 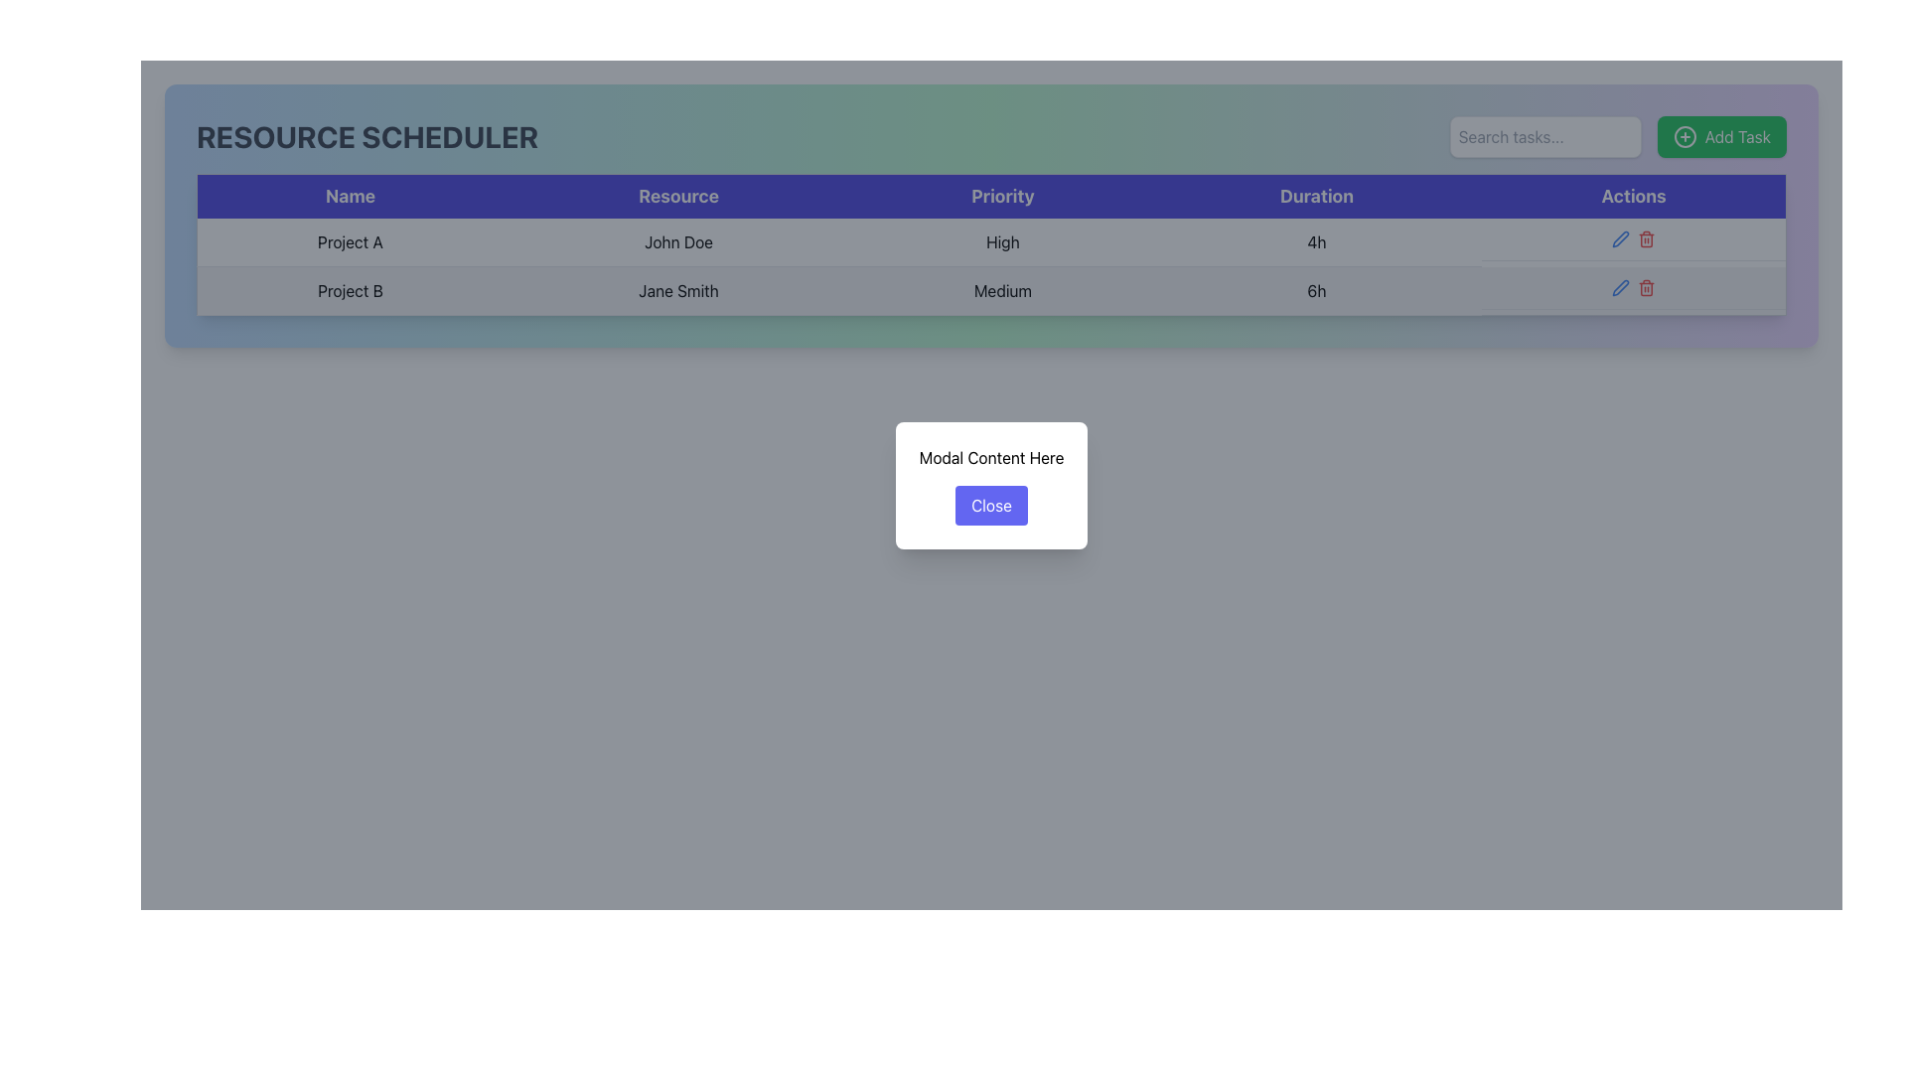 I want to click on text content from the table cell displaying 'Project B', located in the first column of the second row of the table, so click(x=350, y=291).